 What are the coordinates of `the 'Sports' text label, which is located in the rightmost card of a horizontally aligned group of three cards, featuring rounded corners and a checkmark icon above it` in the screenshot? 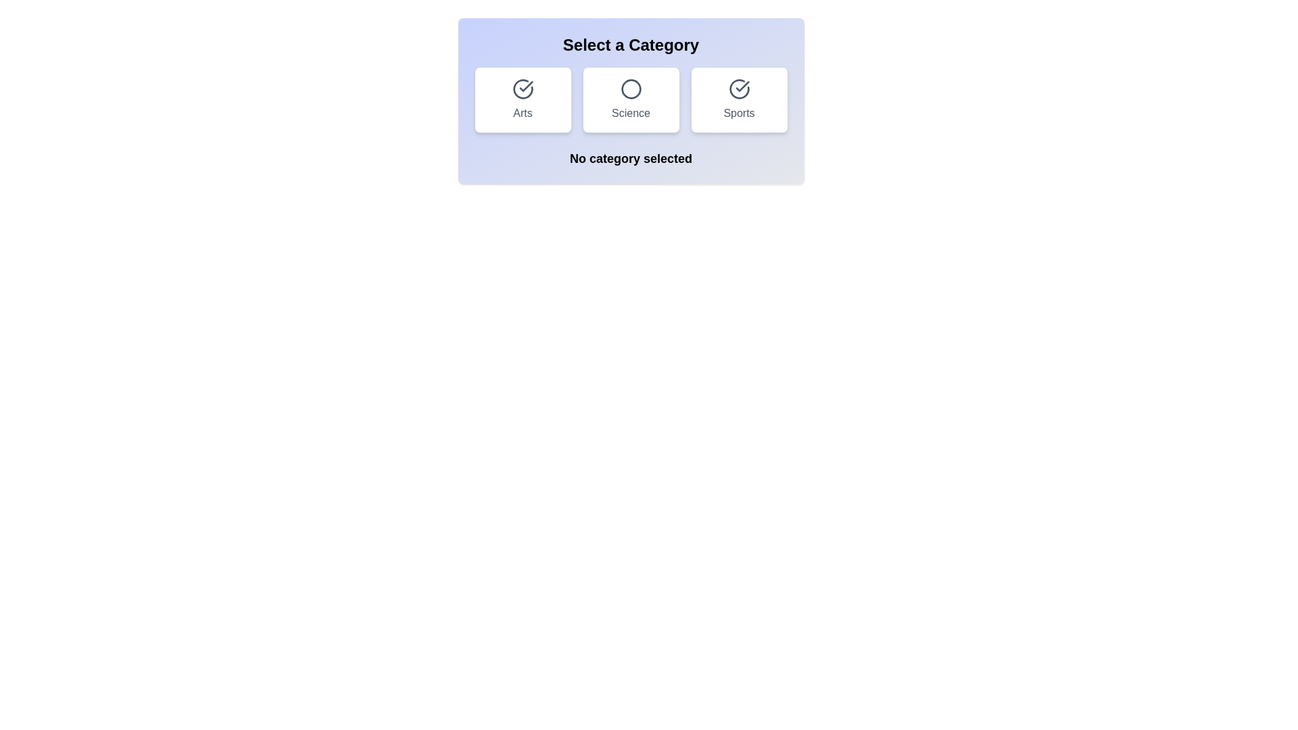 It's located at (738, 113).